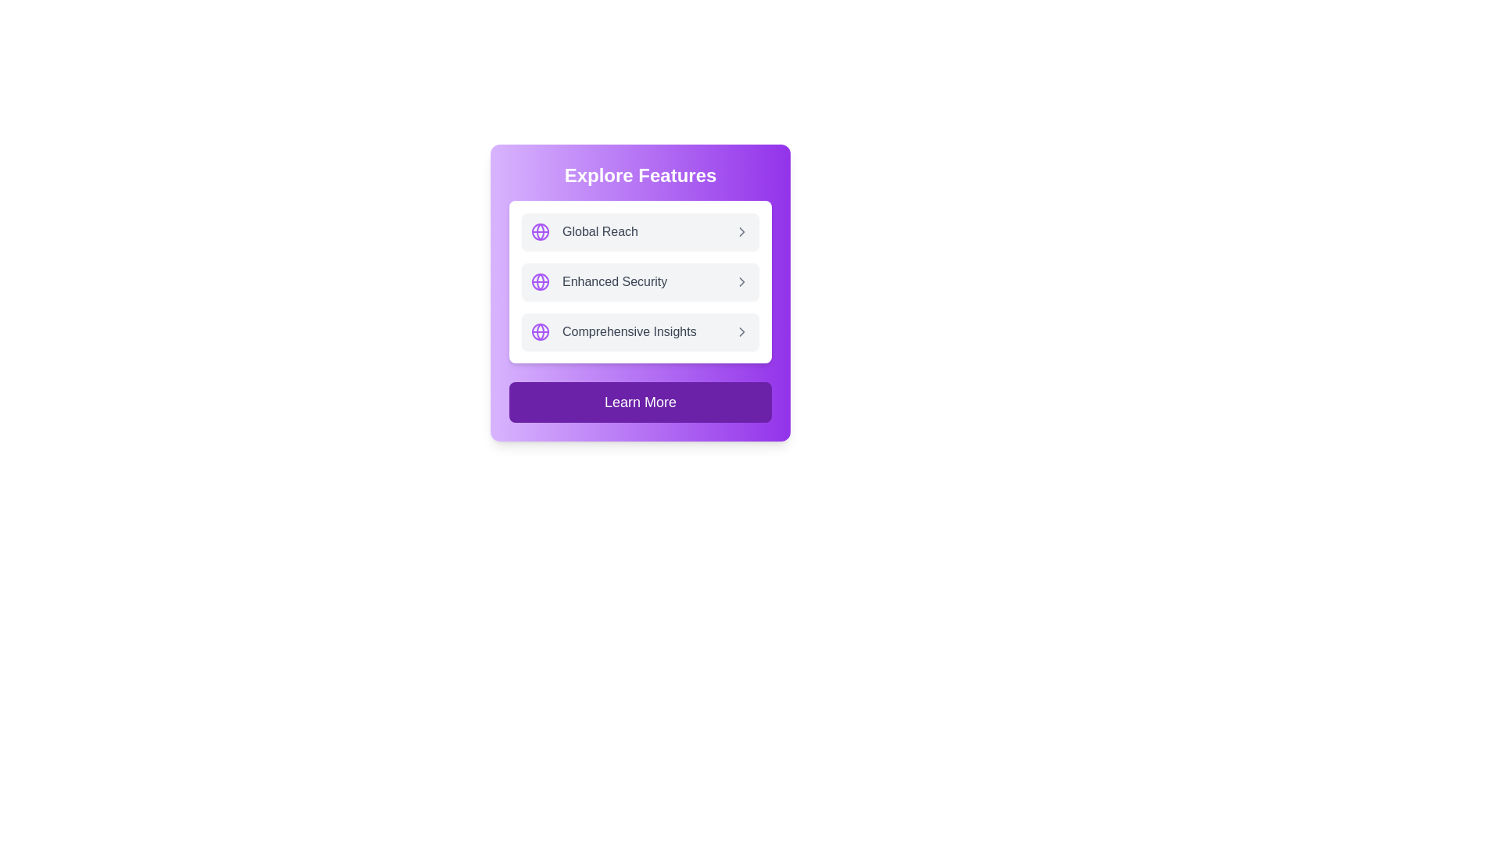  What do you see at coordinates (641, 282) in the screenshot?
I see `the second card in the vertically-aligned list of clickable cards titled 'Enhanced Security'` at bounding box center [641, 282].